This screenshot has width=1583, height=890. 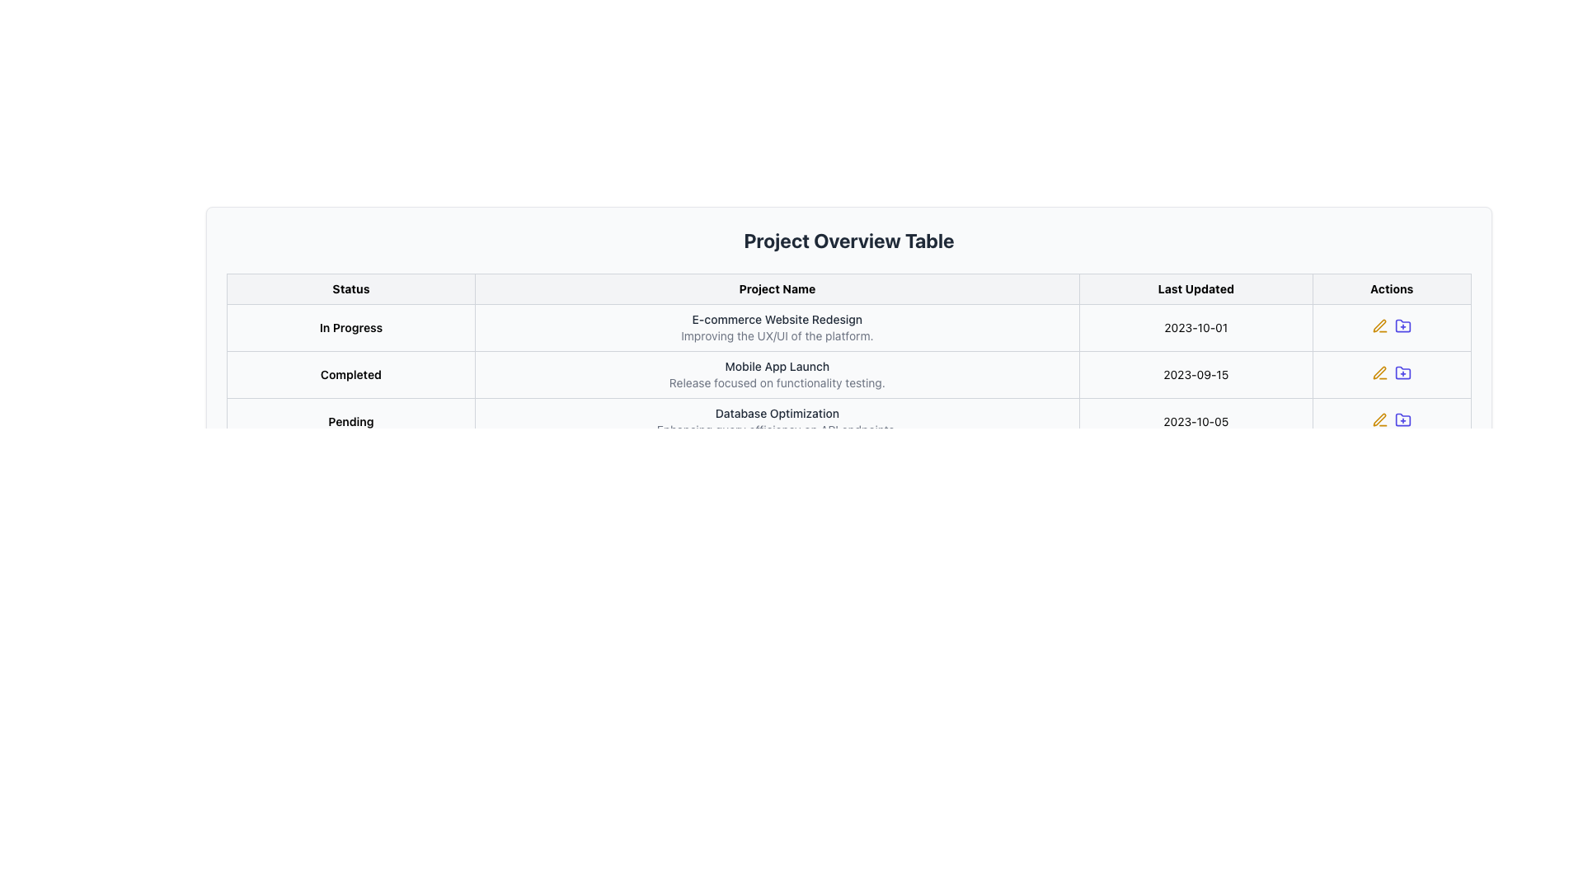 What do you see at coordinates (1195, 327) in the screenshot?
I see `displayed date in the Text Display Field showing the last update date for the project 'E-commerce Website Redesign', located under the 'Last Updated' column of the table` at bounding box center [1195, 327].